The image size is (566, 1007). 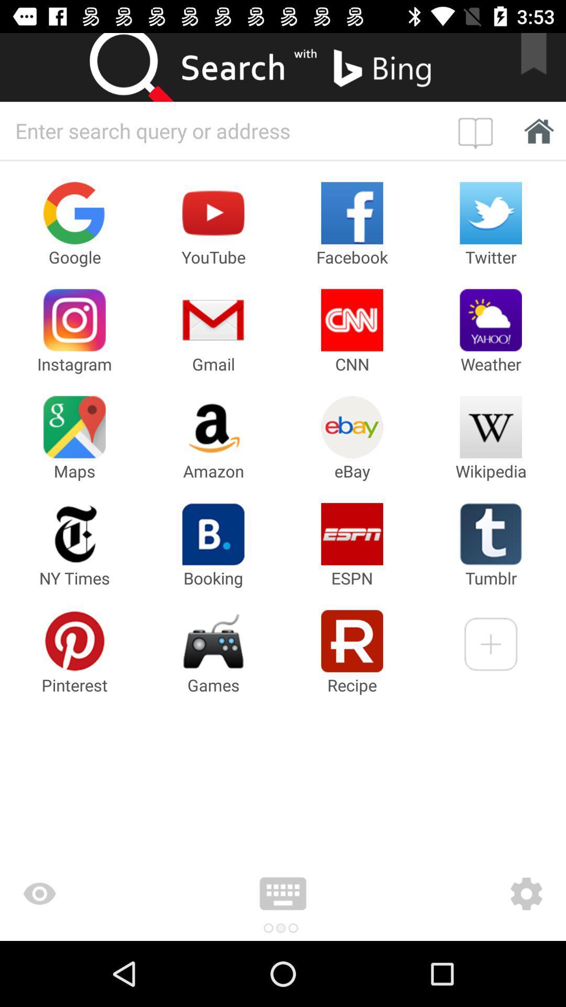 I want to click on bookmark query, so click(x=478, y=130).